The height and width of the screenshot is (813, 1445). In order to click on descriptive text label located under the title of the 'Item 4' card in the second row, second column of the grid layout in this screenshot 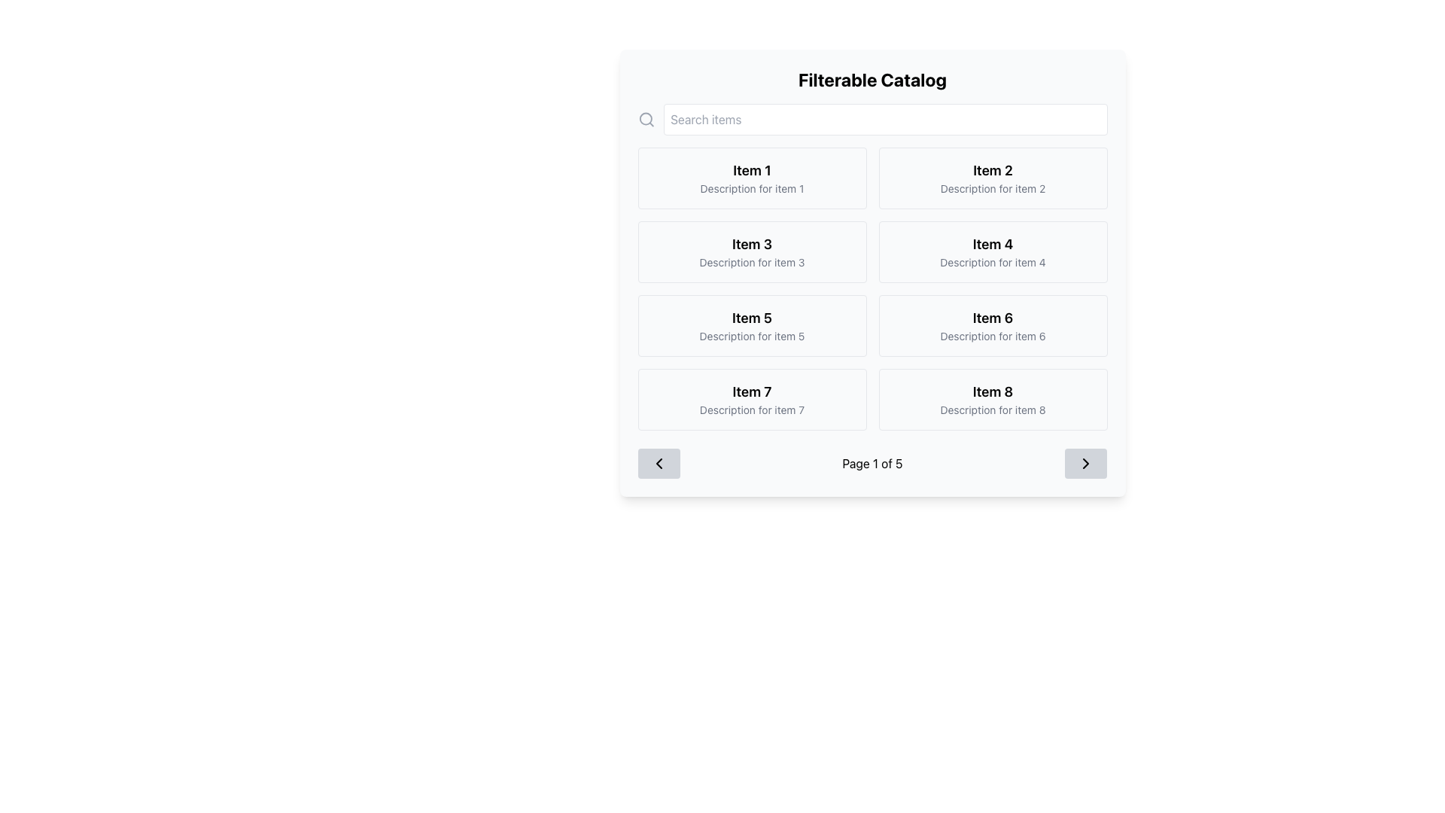, I will do `click(993, 261)`.